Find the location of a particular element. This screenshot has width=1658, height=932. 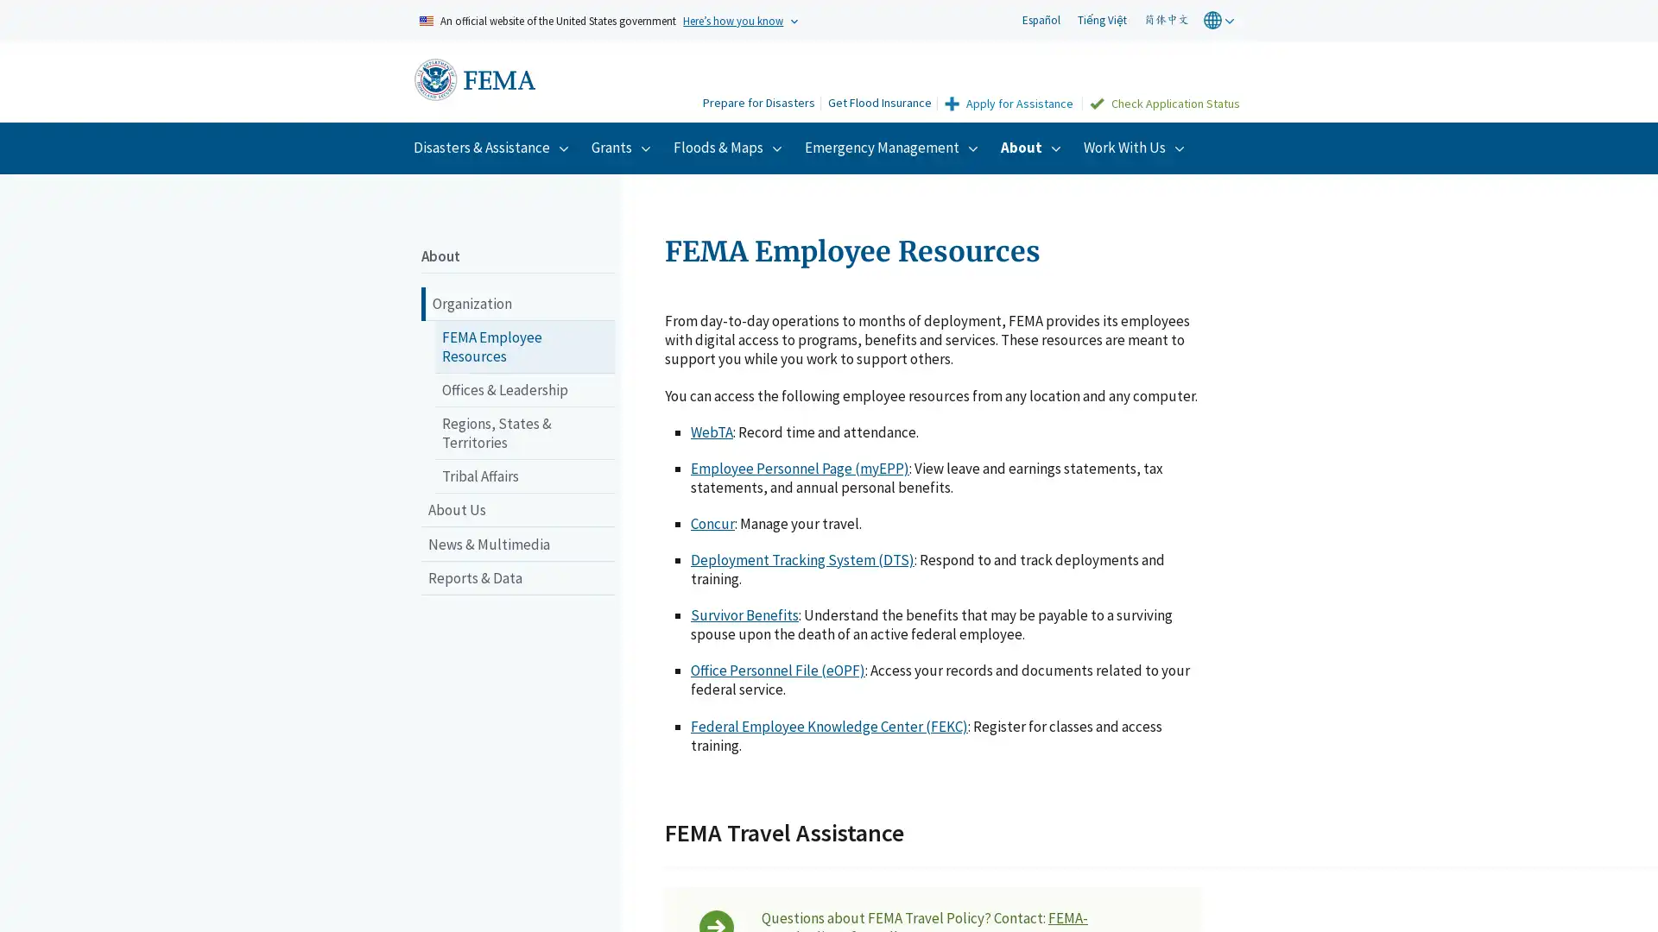

world globe is located at coordinates (1220, 20).